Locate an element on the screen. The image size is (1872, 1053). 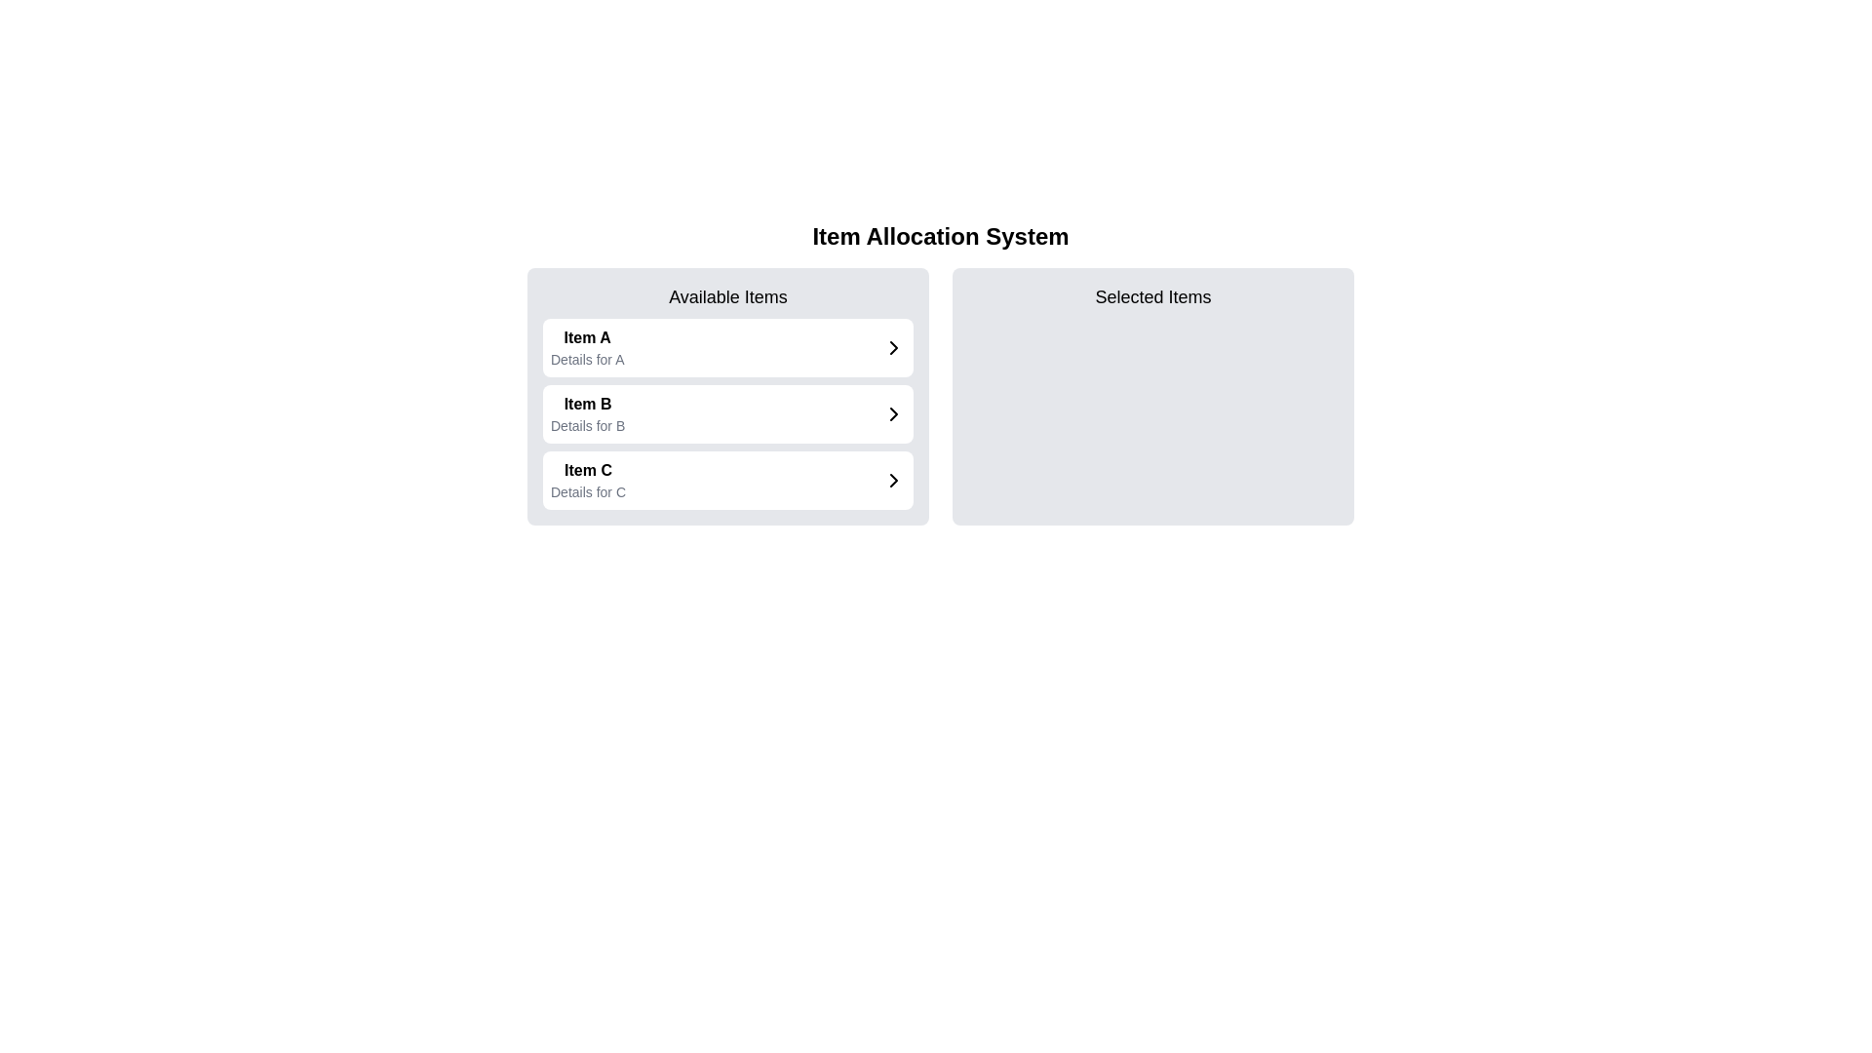
the interaction icon for 'Item A' located at the far right of the first row under 'Available Items' is located at coordinates (892, 347).